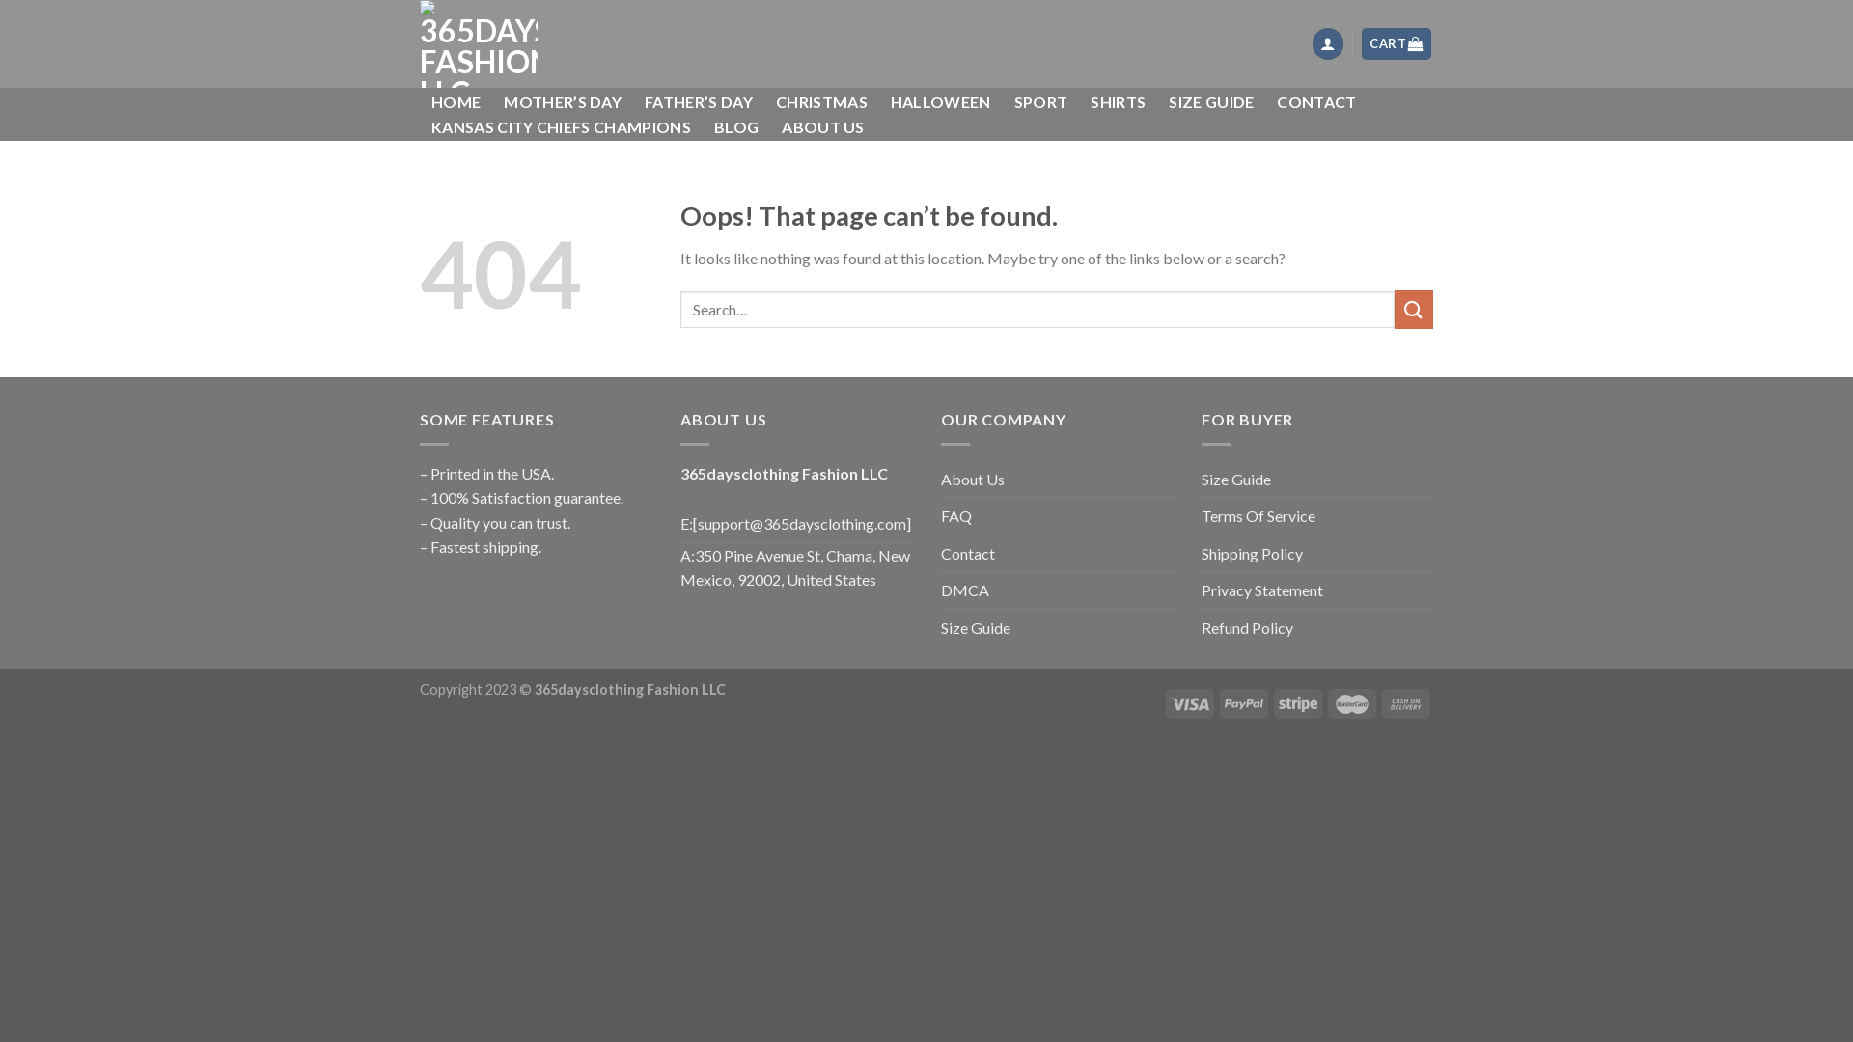 This screenshot has height=1042, width=1853. I want to click on 'Shipping Policy', so click(1252, 554).